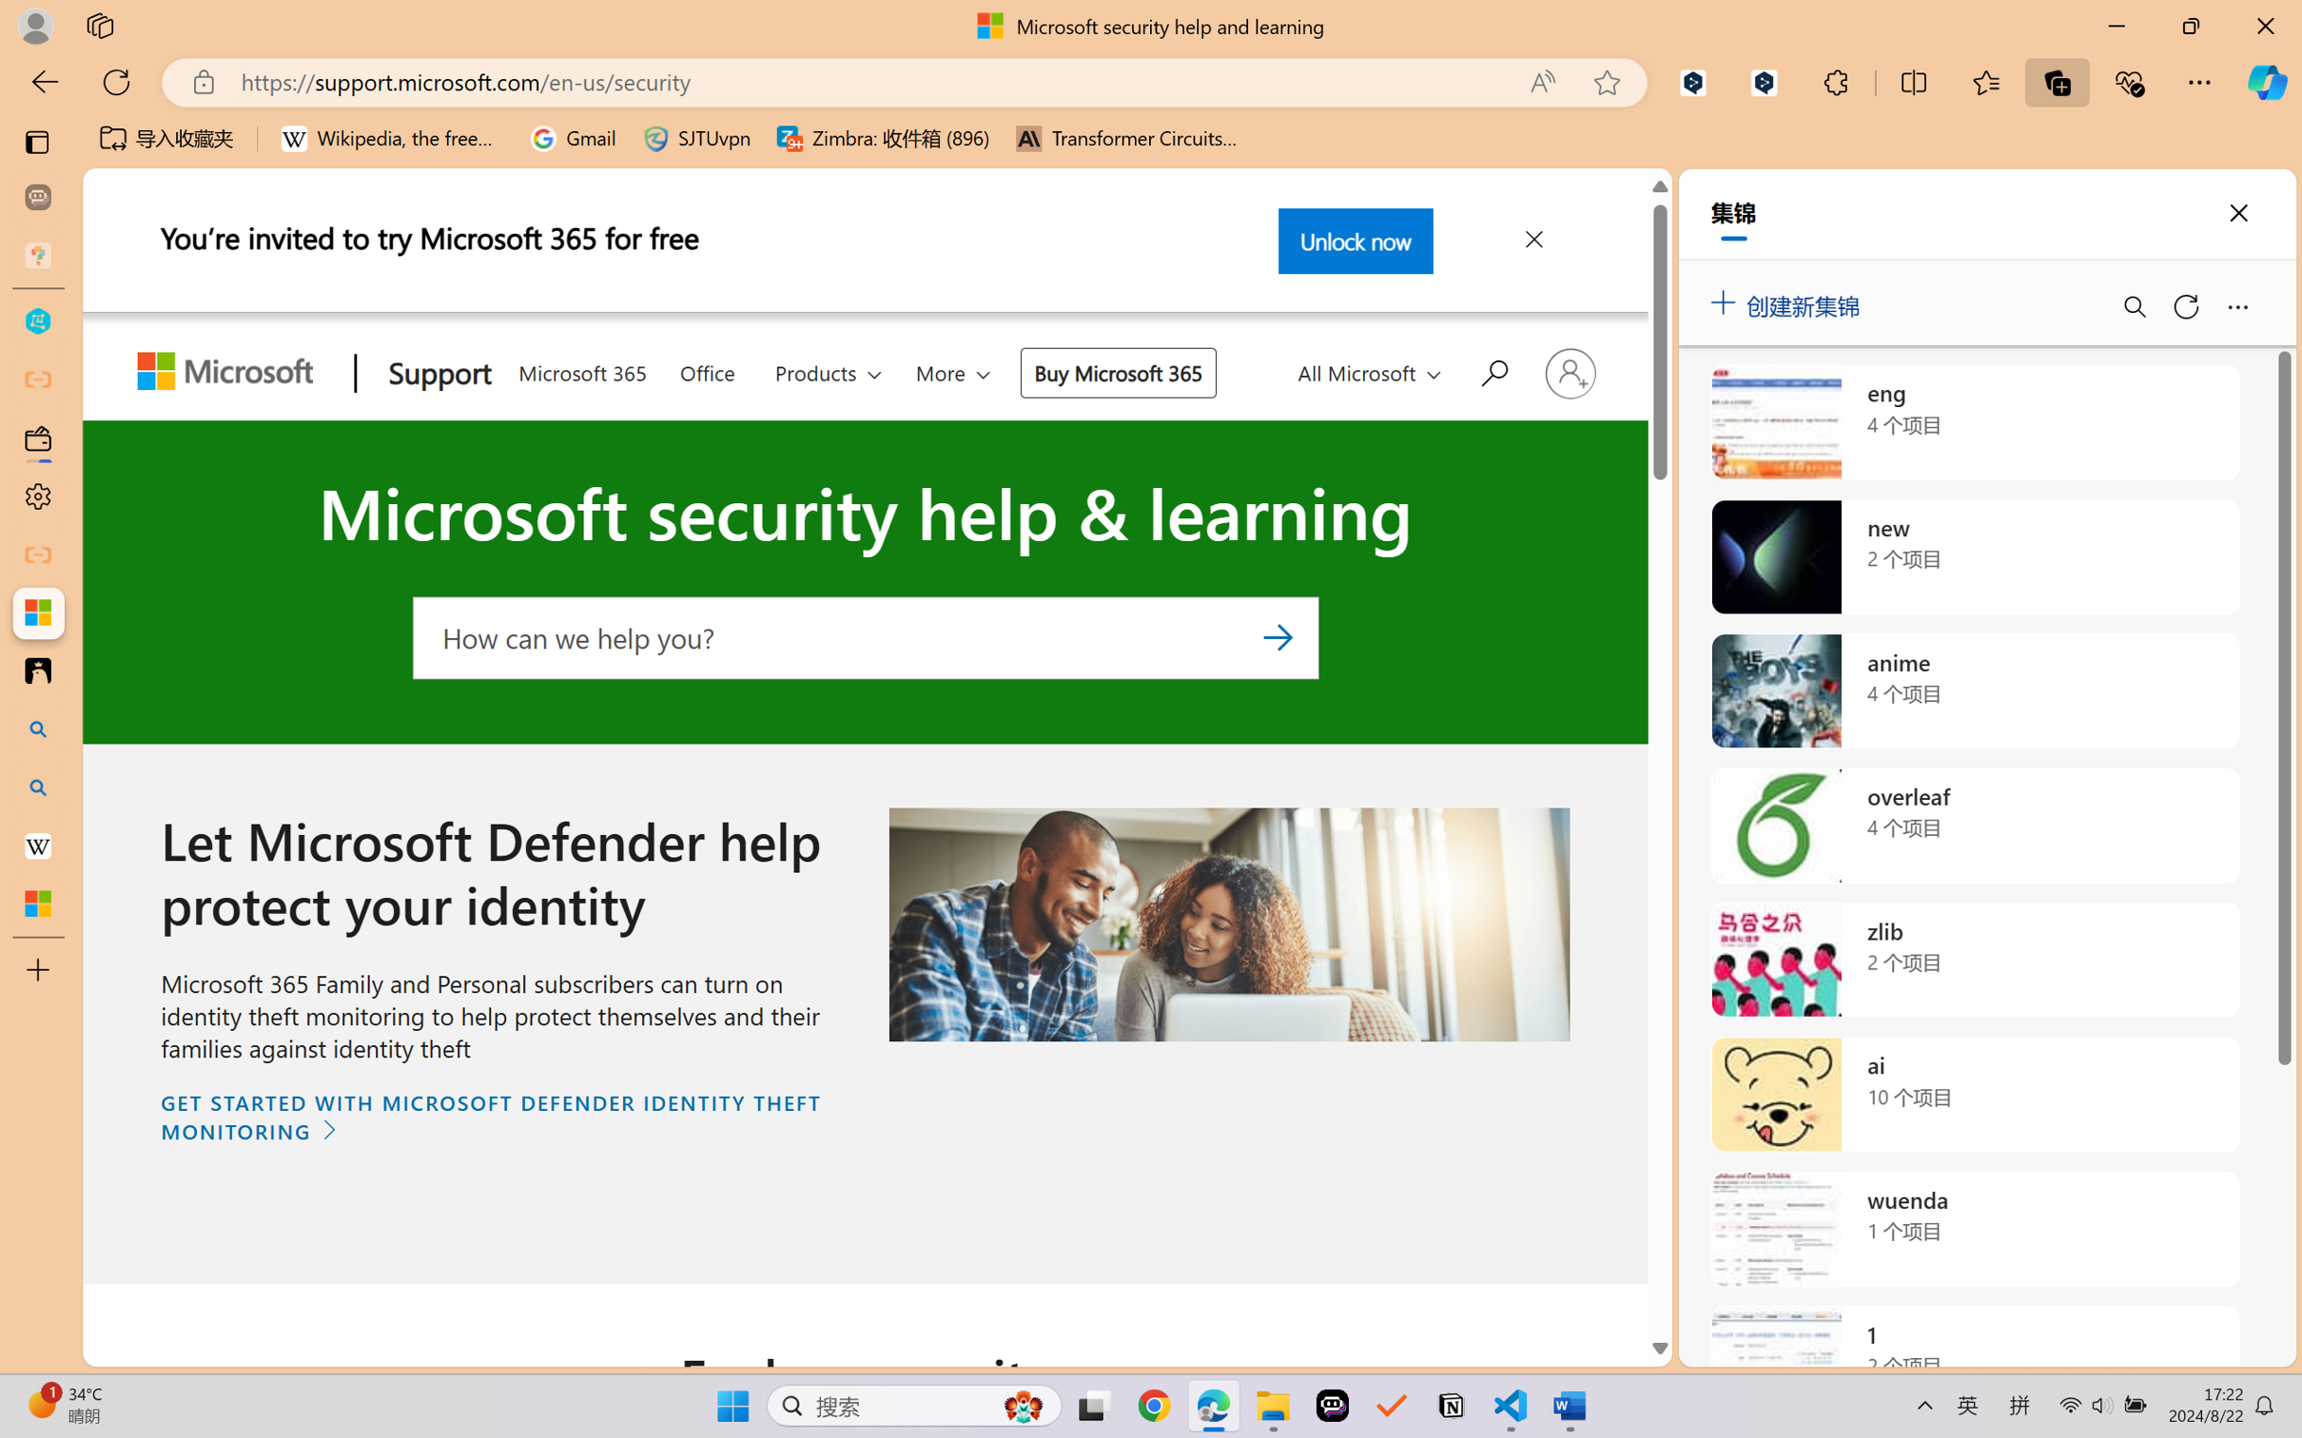 This screenshot has width=2302, height=1438. I want to click on 'Buy Microsoft 365', so click(1116, 372).